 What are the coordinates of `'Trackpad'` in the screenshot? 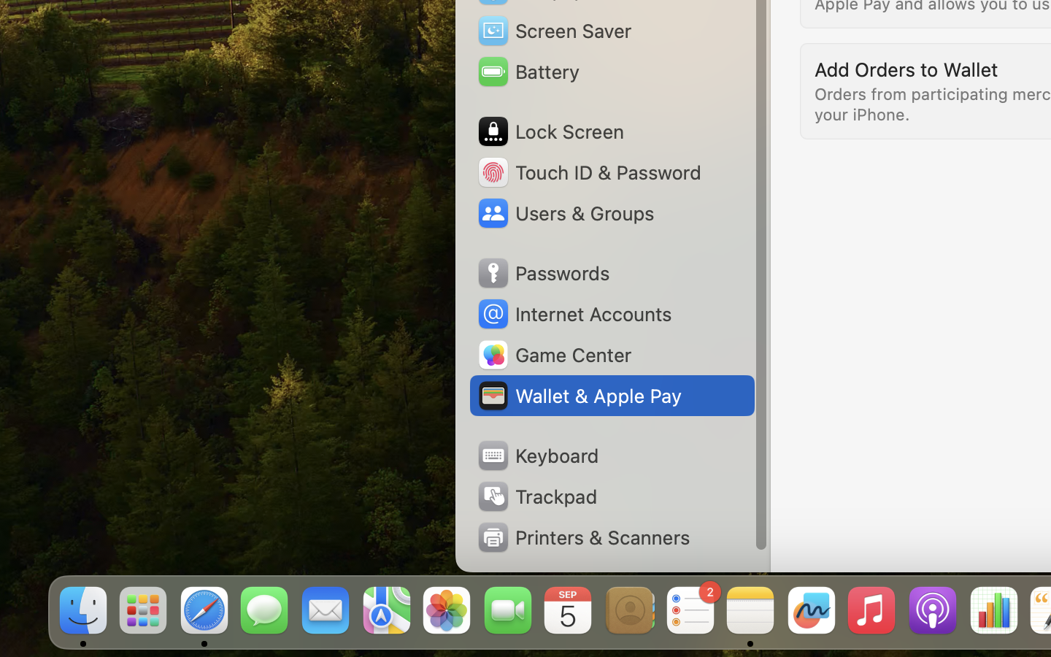 It's located at (535, 496).